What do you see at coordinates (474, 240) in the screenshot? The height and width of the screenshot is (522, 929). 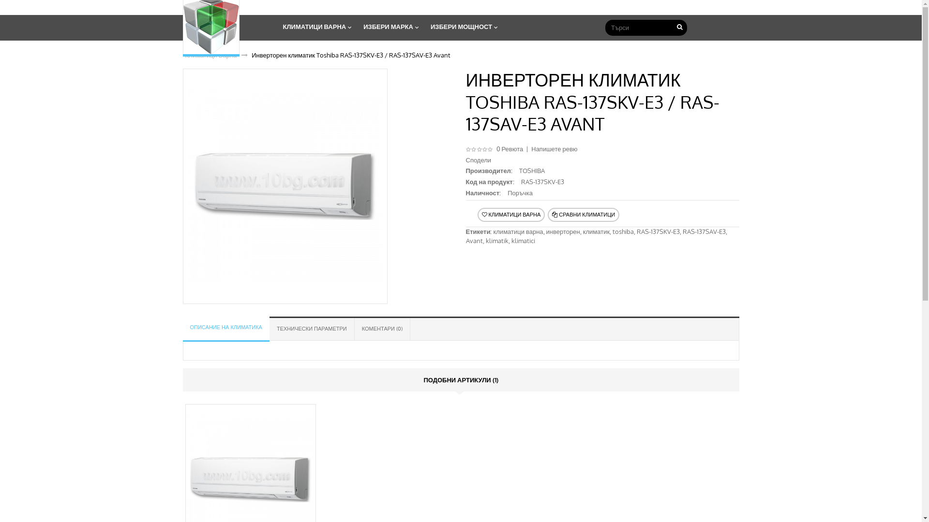 I see `'Avant'` at bounding box center [474, 240].